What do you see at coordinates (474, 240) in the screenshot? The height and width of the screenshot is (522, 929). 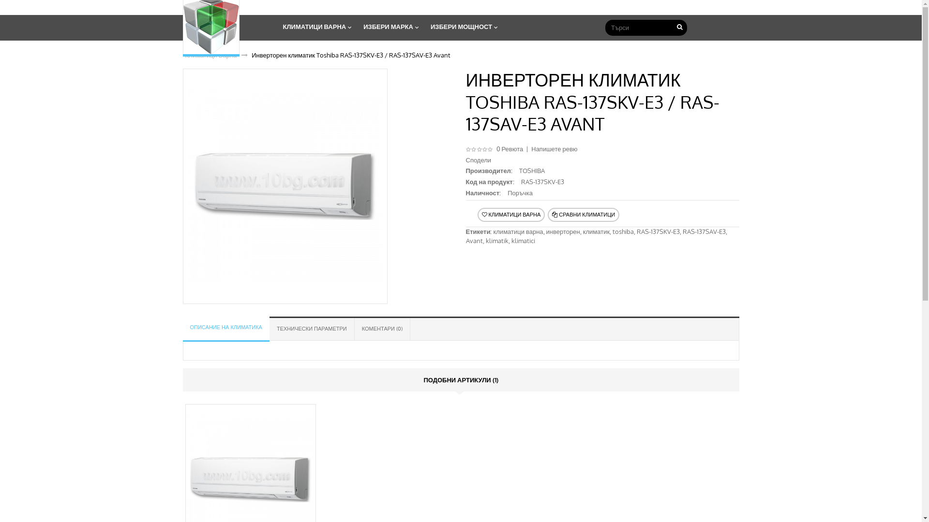 I see `'Avant'` at bounding box center [474, 240].